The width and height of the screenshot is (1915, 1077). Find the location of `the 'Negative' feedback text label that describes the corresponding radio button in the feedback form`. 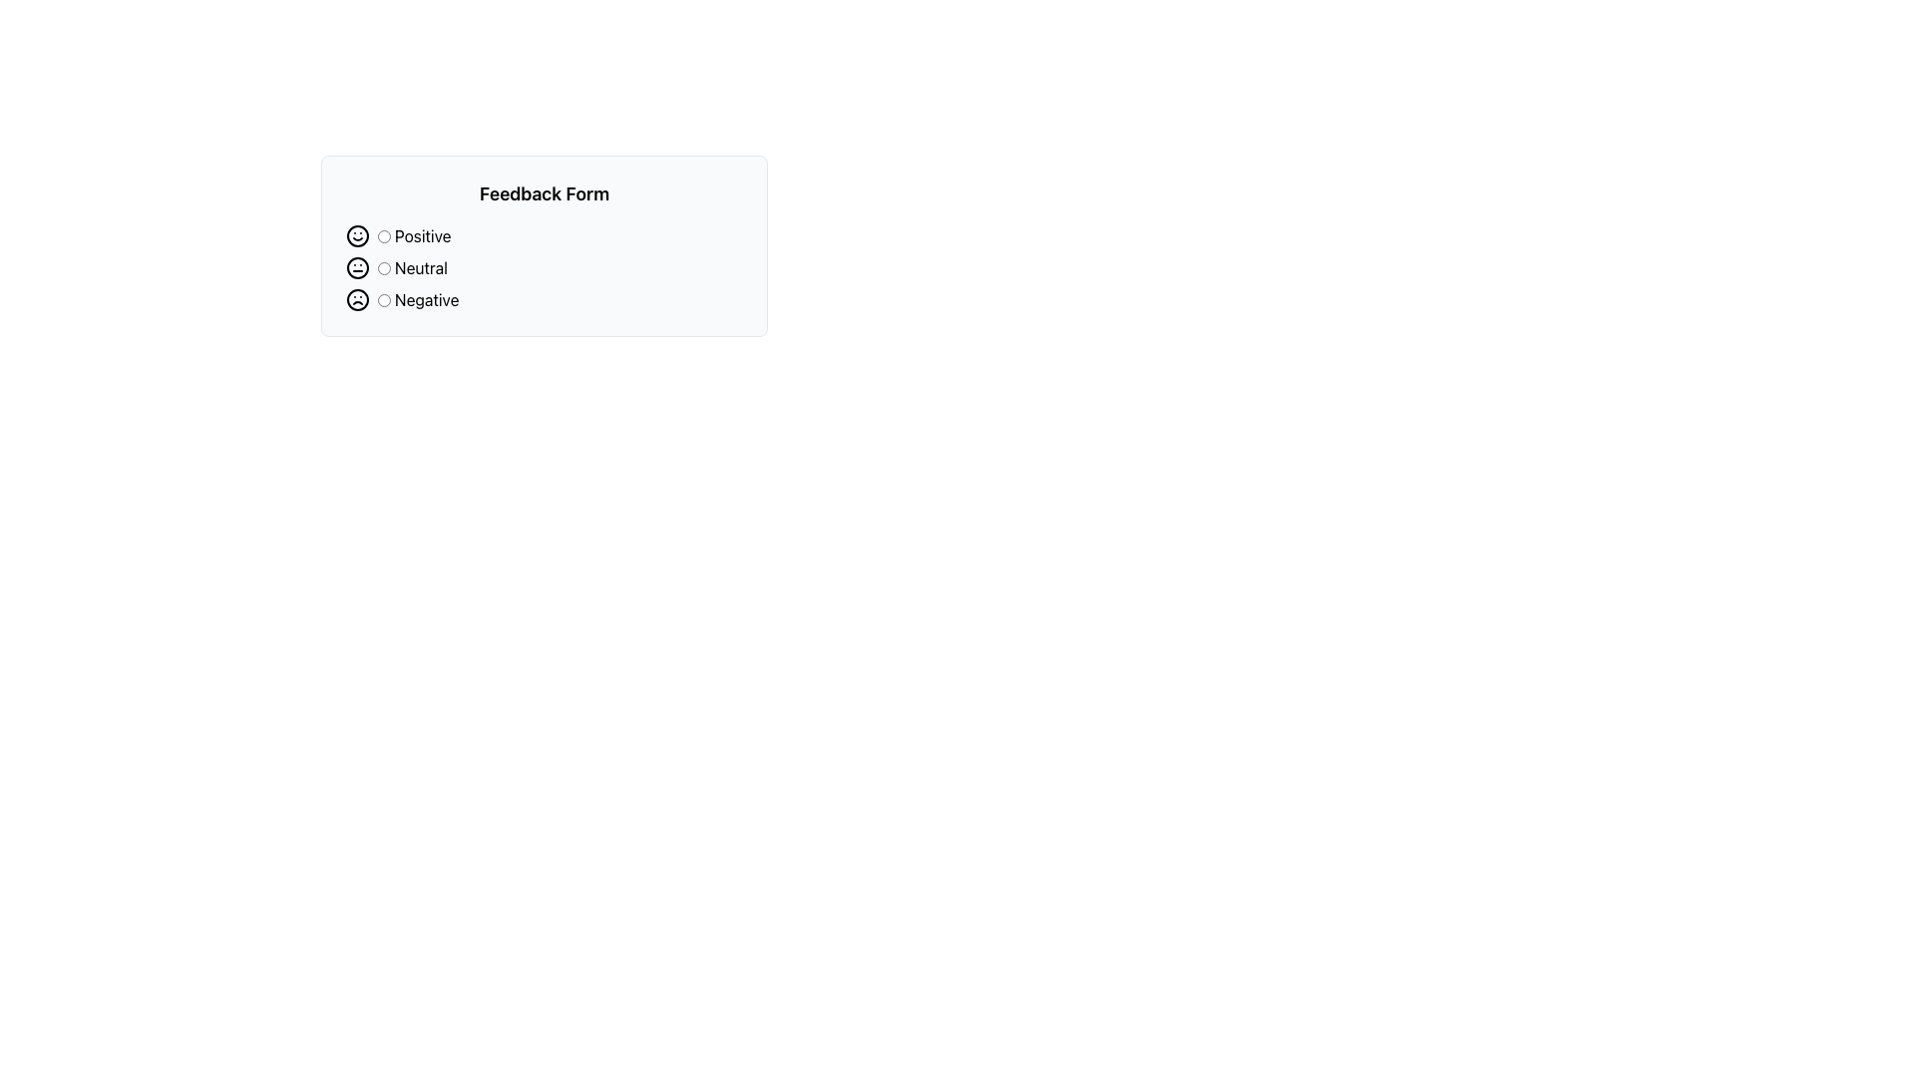

the 'Negative' feedback text label that describes the corresponding radio button in the feedback form is located at coordinates (426, 299).